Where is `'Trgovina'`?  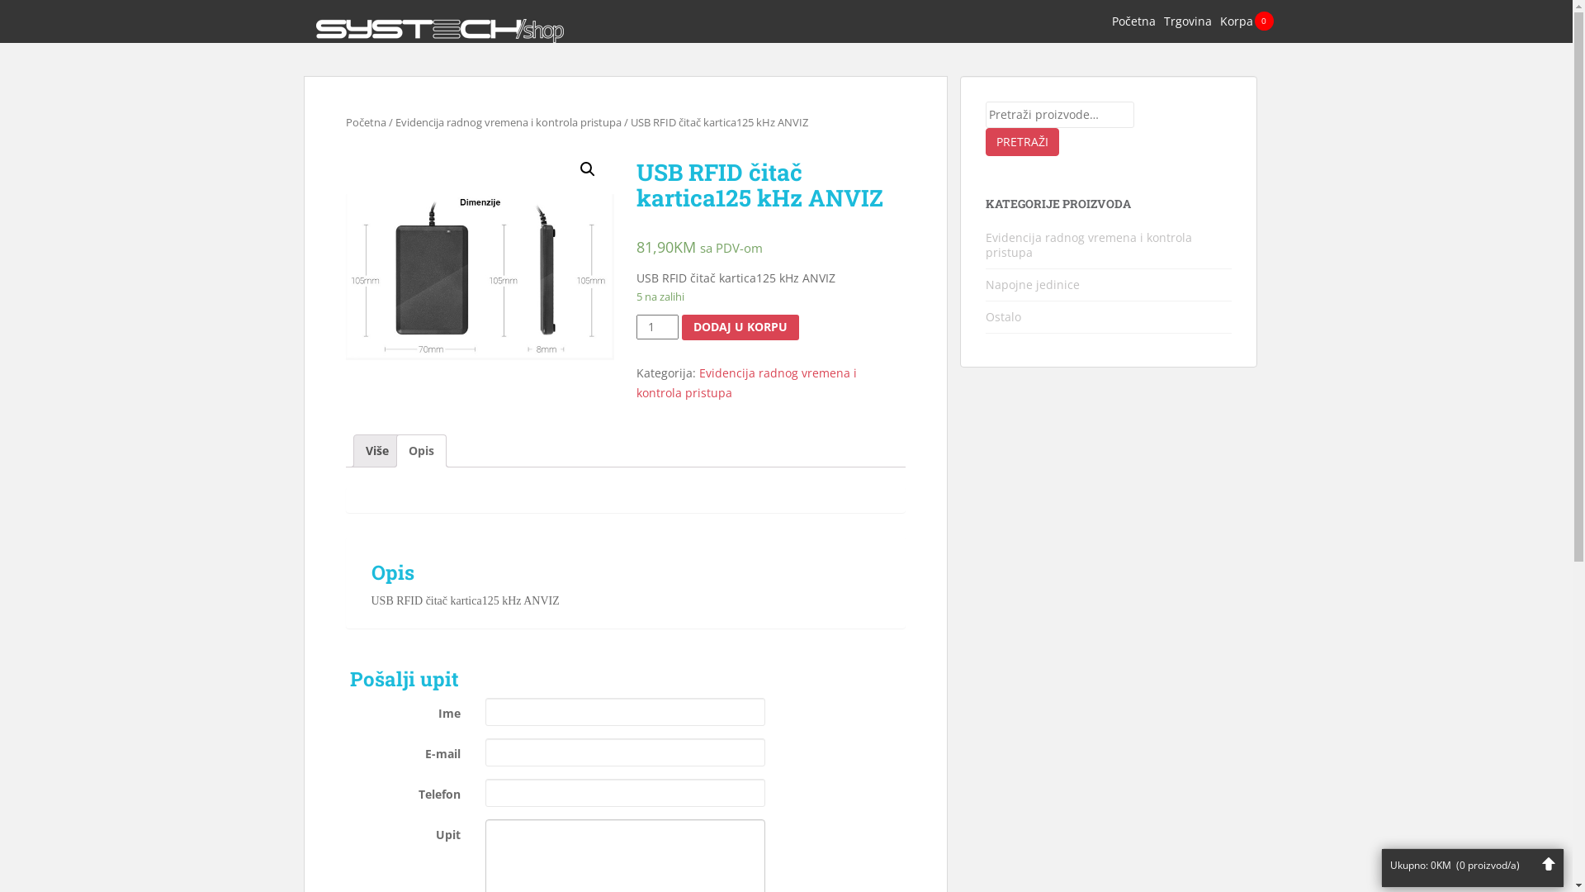 'Trgovina' is located at coordinates (1187, 21).